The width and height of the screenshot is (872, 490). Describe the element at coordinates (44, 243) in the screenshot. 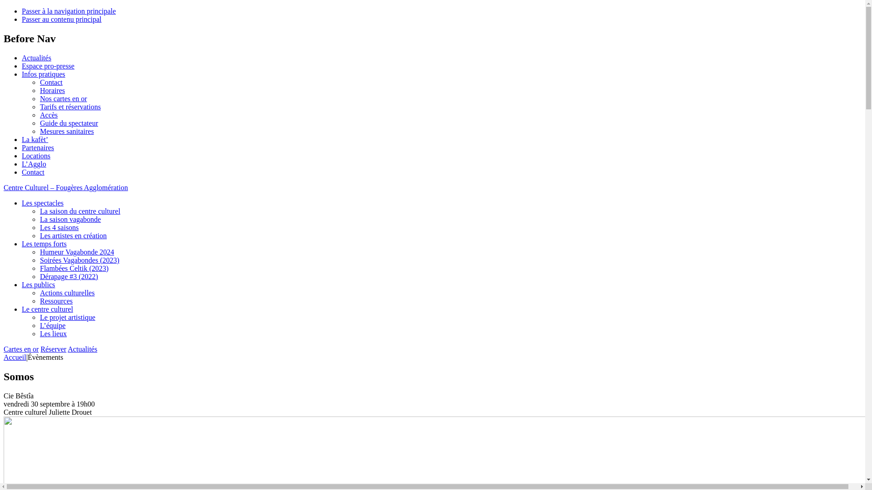

I see `'Les temps forts'` at that location.